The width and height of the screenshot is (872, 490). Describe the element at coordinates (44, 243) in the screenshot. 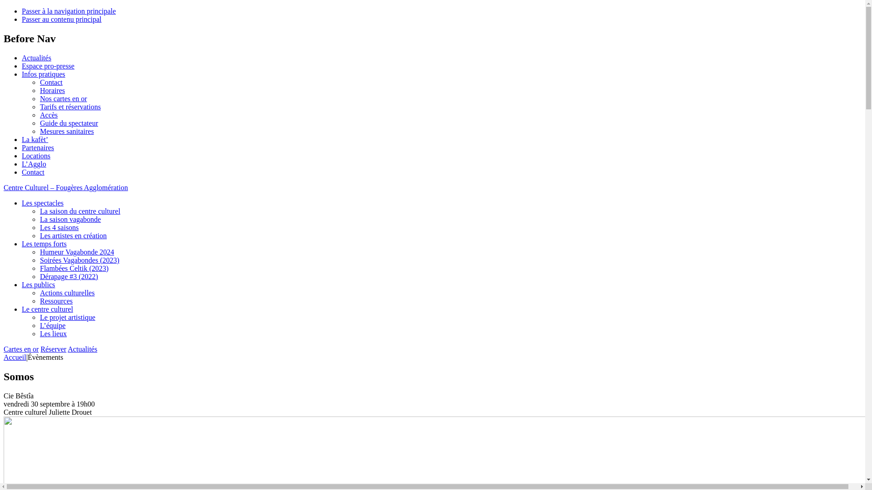

I see `'Les temps forts'` at that location.